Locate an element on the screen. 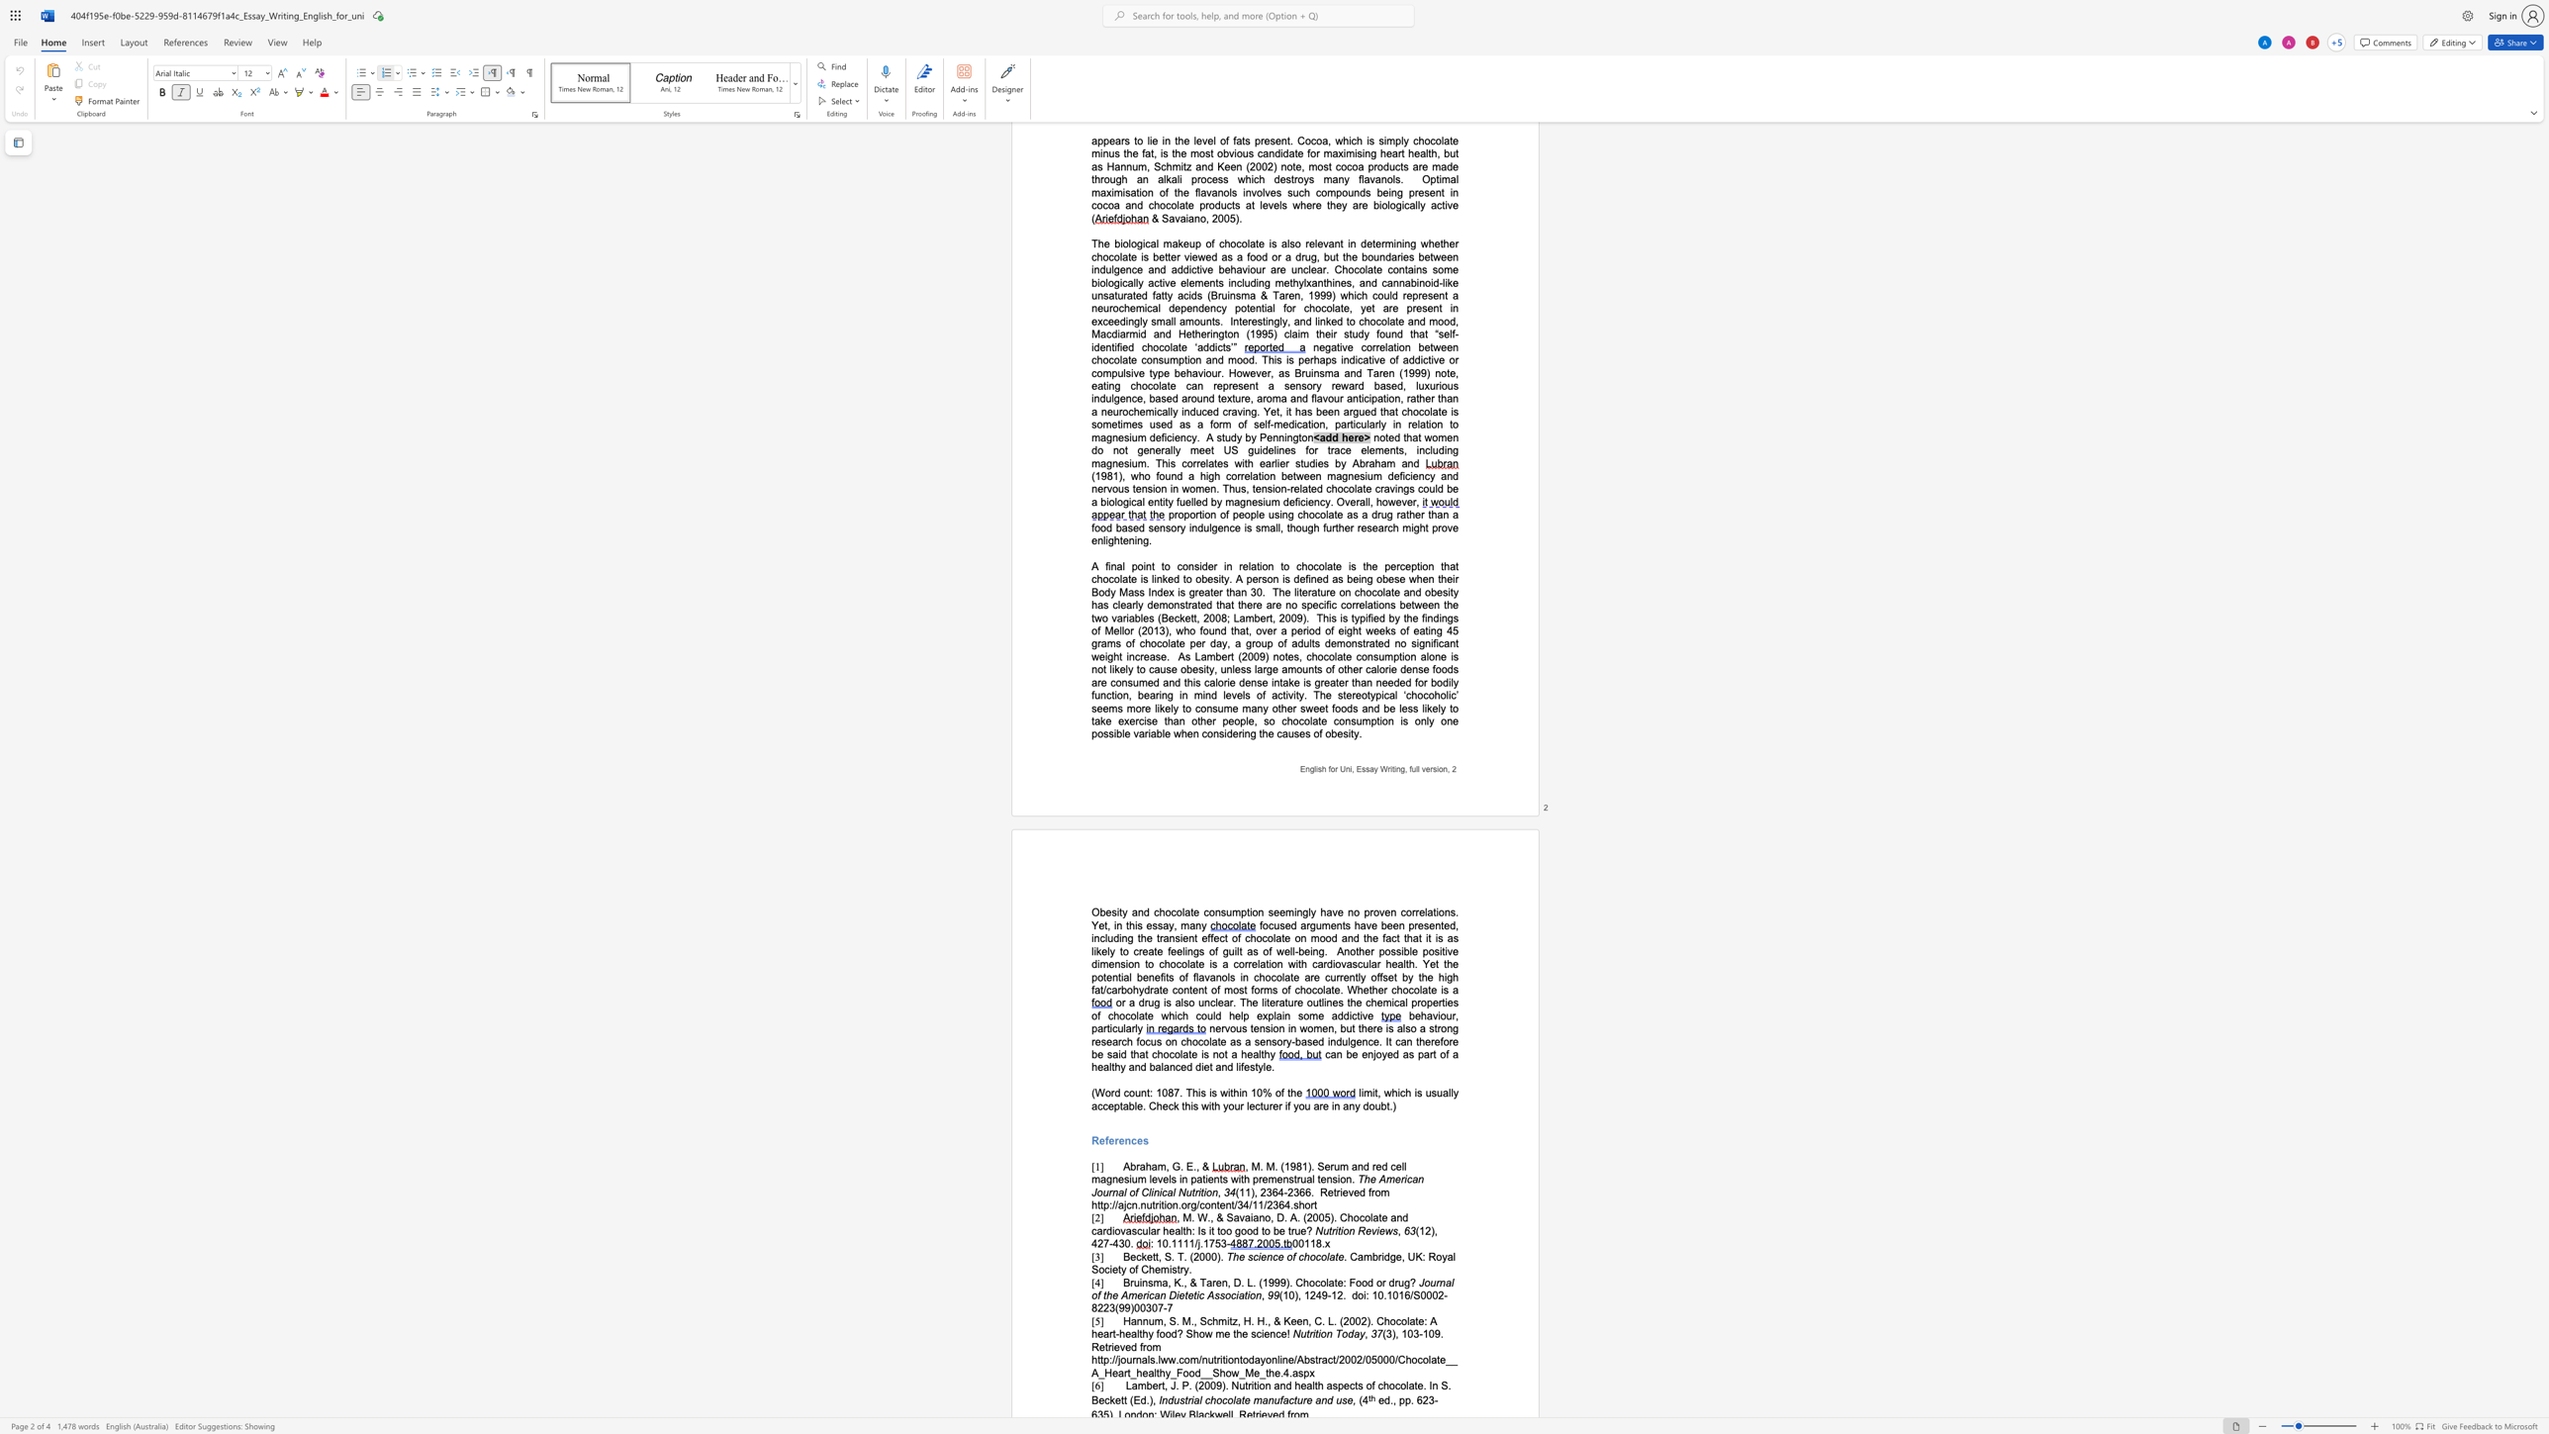  the space between the continuous character "o" and "l" in the text is located at coordinates (1231, 1400).